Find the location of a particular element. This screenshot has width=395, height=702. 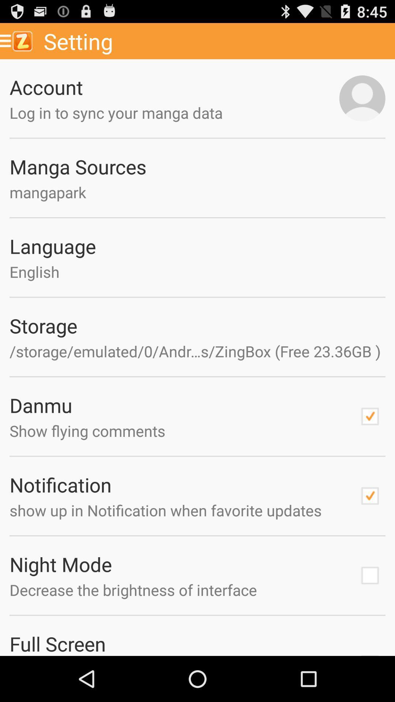

the check box for danmu is located at coordinates (370, 416).